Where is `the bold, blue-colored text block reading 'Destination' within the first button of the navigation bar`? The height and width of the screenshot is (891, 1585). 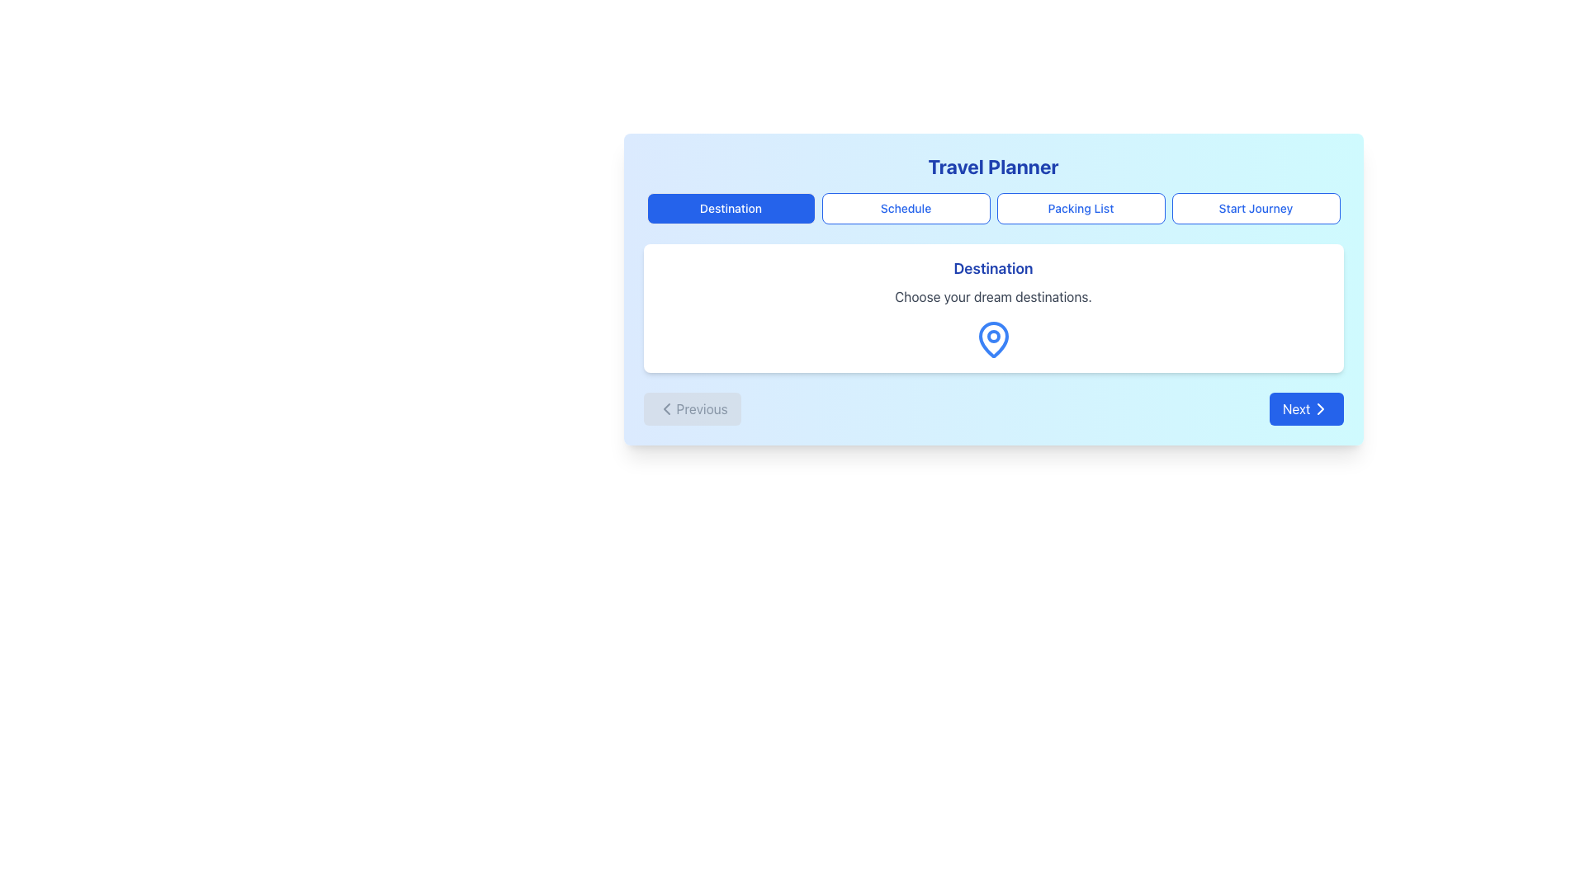 the bold, blue-colored text block reading 'Destination' within the first button of the navigation bar is located at coordinates (730, 208).